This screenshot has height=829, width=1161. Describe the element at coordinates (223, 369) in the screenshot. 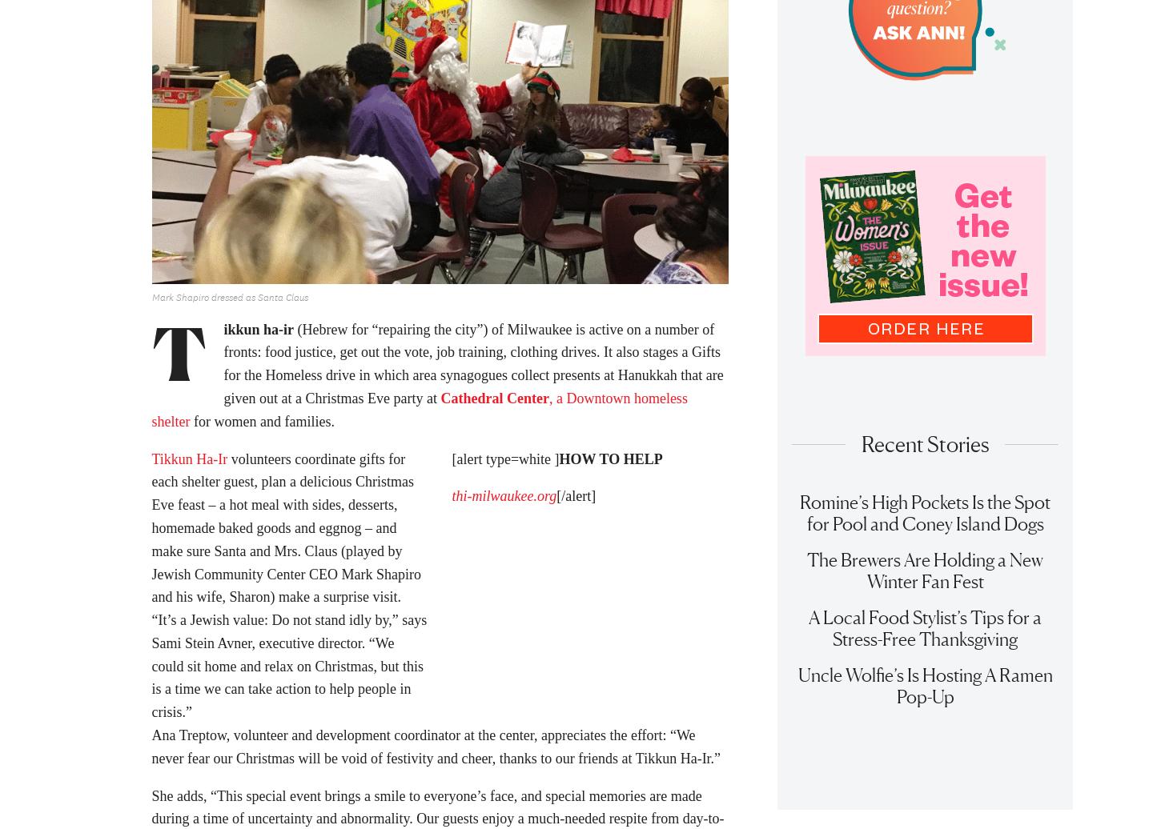

I see `'(Hebrew for “repairing the city”) of Milwaukee is active on a number of fronts: food justice, get out the vote, job training, clothing drives. It also stages a Gifts for the Homeless drive in which area synagogues collect presents at Hanukkah that are given out at a Christmas Eve party at'` at that location.